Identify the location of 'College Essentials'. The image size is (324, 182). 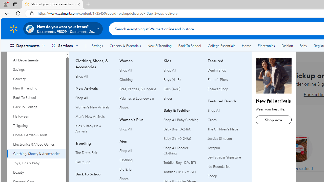
(221, 46).